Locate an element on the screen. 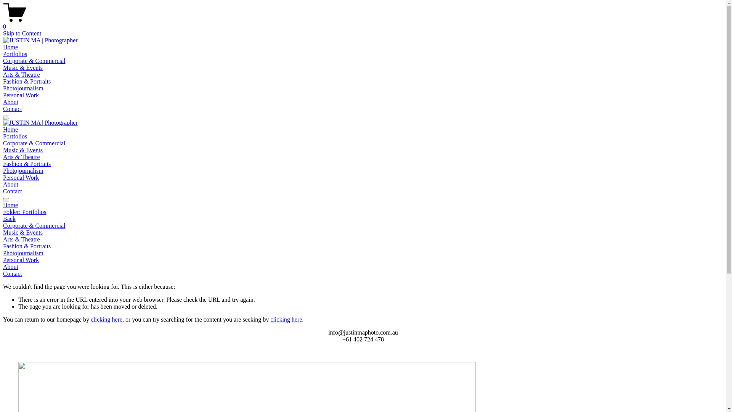  'Contact' is located at coordinates (13, 109).